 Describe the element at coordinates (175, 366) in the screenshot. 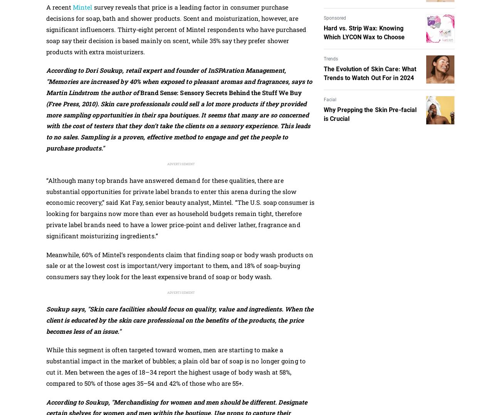

I see `'While this segment is often targeted toward women, men are starting to make a substantial impact in the market of bubbles; a plain old bar of soap is no longer going to cut it. Men between the ages of 18–34 report the highest usage of body wash at 58%, compared to 50% of those ages 35–54 and 42% of those who are 55+.'` at that location.